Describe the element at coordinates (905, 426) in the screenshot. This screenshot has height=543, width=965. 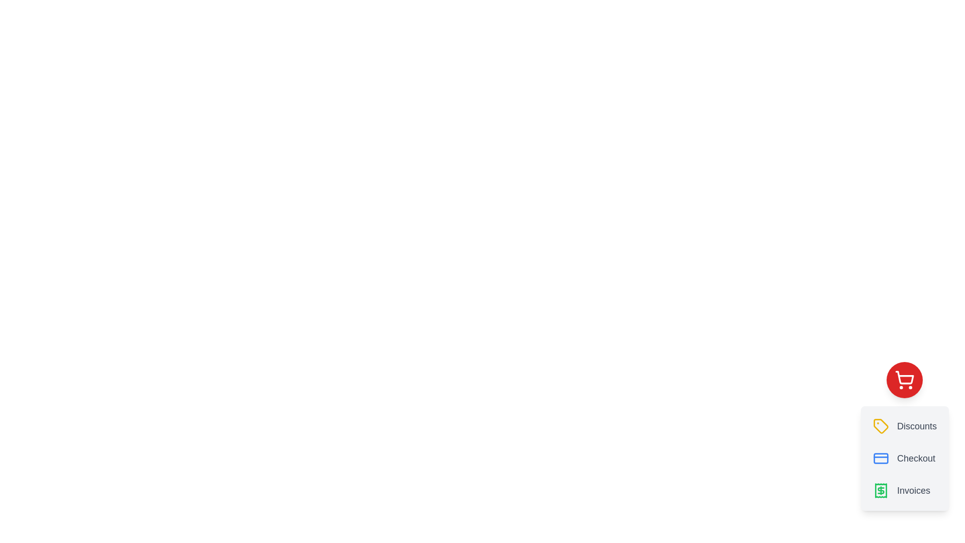
I see `the 'Discounts' button to select the option` at that location.